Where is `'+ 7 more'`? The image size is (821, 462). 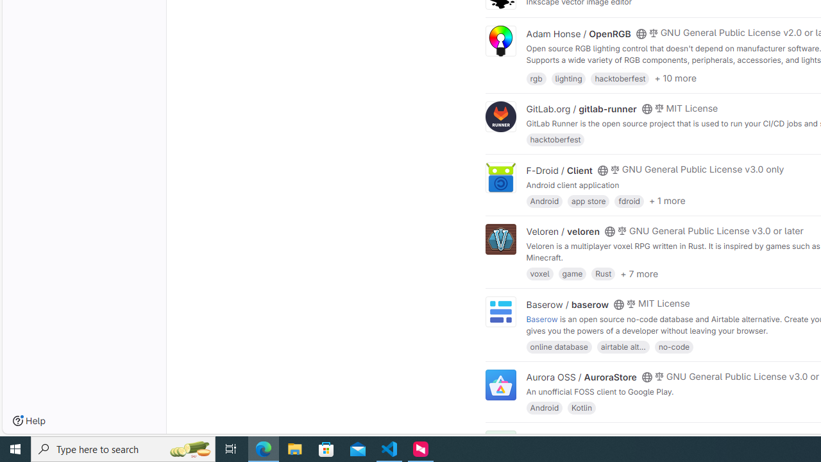
'+ 7 more' is located at coordinates (639, 272).